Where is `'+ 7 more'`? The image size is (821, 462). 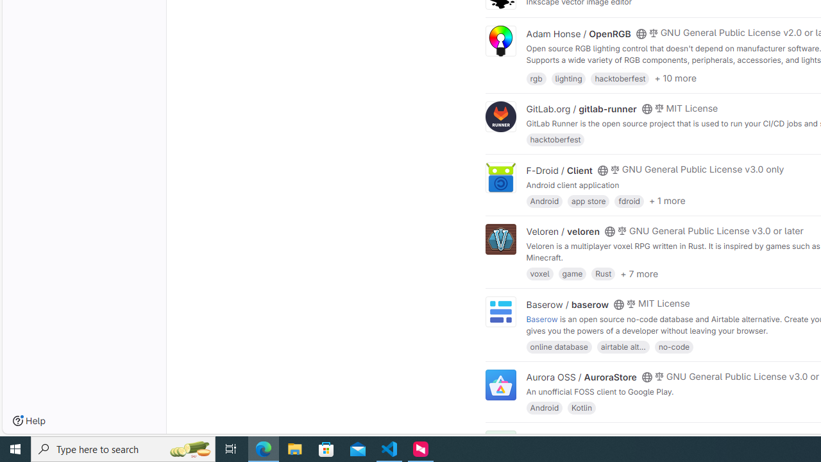
'+ 7 more' is located at coordinates (639, 272).